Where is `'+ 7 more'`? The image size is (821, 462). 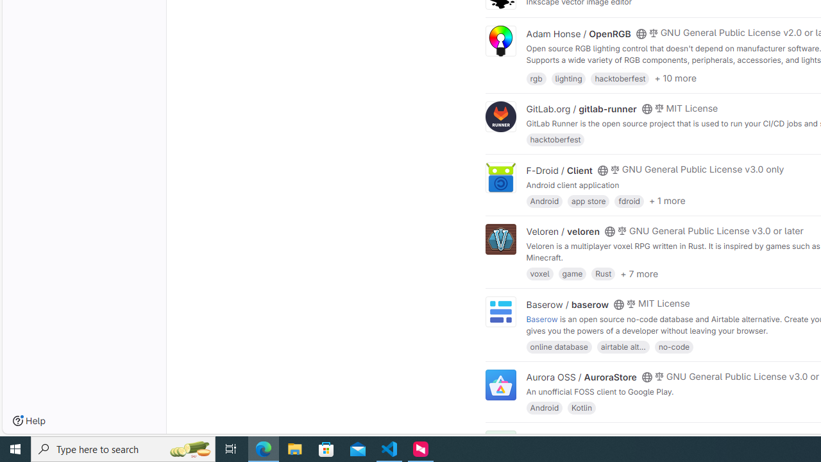
'+ 7 more' is located at coordinates (639, 272).